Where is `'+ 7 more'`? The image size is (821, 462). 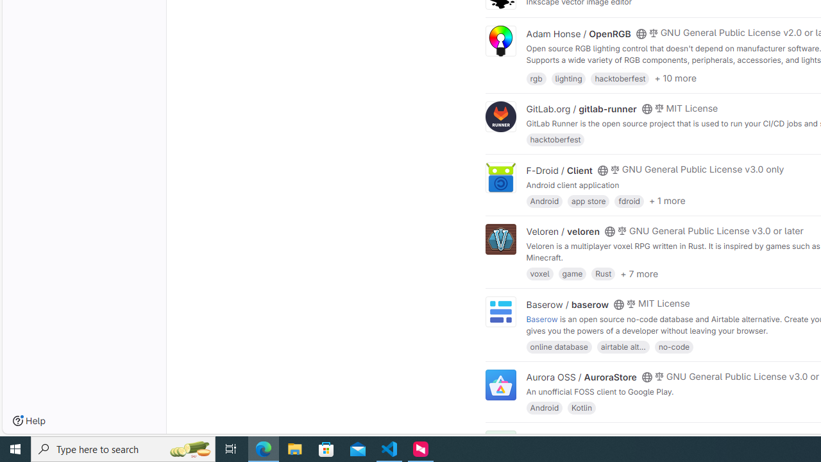
'+ 7 more' is located at coordinates (639, 272).